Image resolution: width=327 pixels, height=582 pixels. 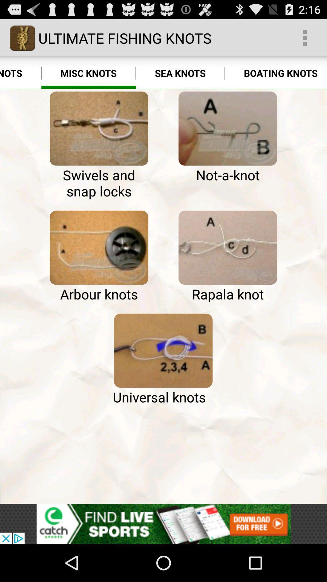 What do you see at coordinates (163, 350) in the screenshot?
I see `the universal knots option` at bounding box center [163, 350].